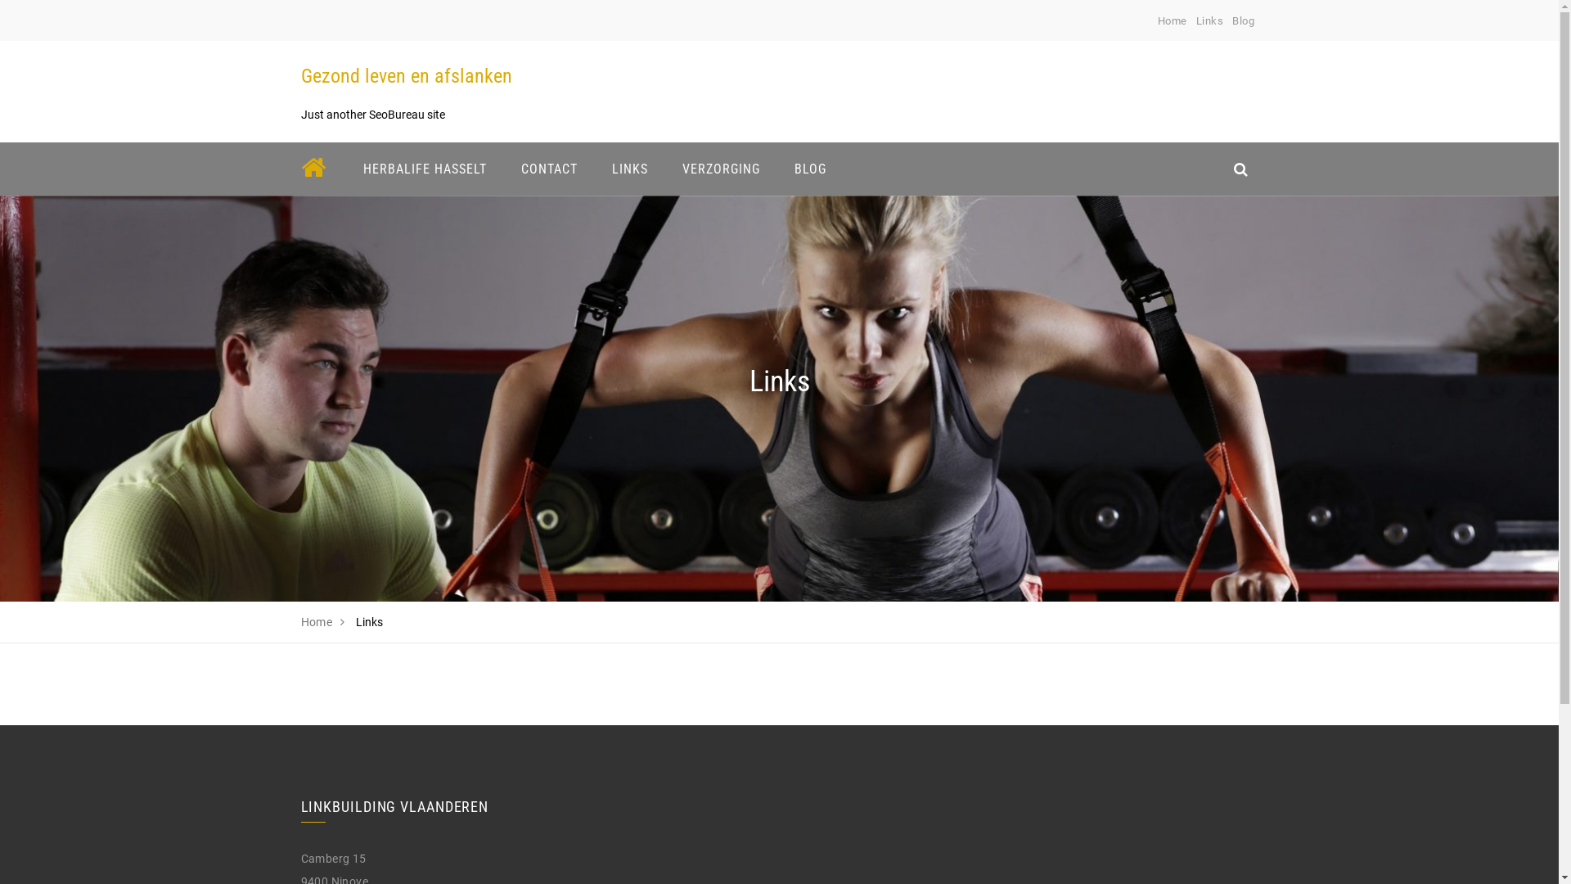 The image size is (1571, 884). I want to click on 'Gezond leven en afslanken', so click(407, 75).